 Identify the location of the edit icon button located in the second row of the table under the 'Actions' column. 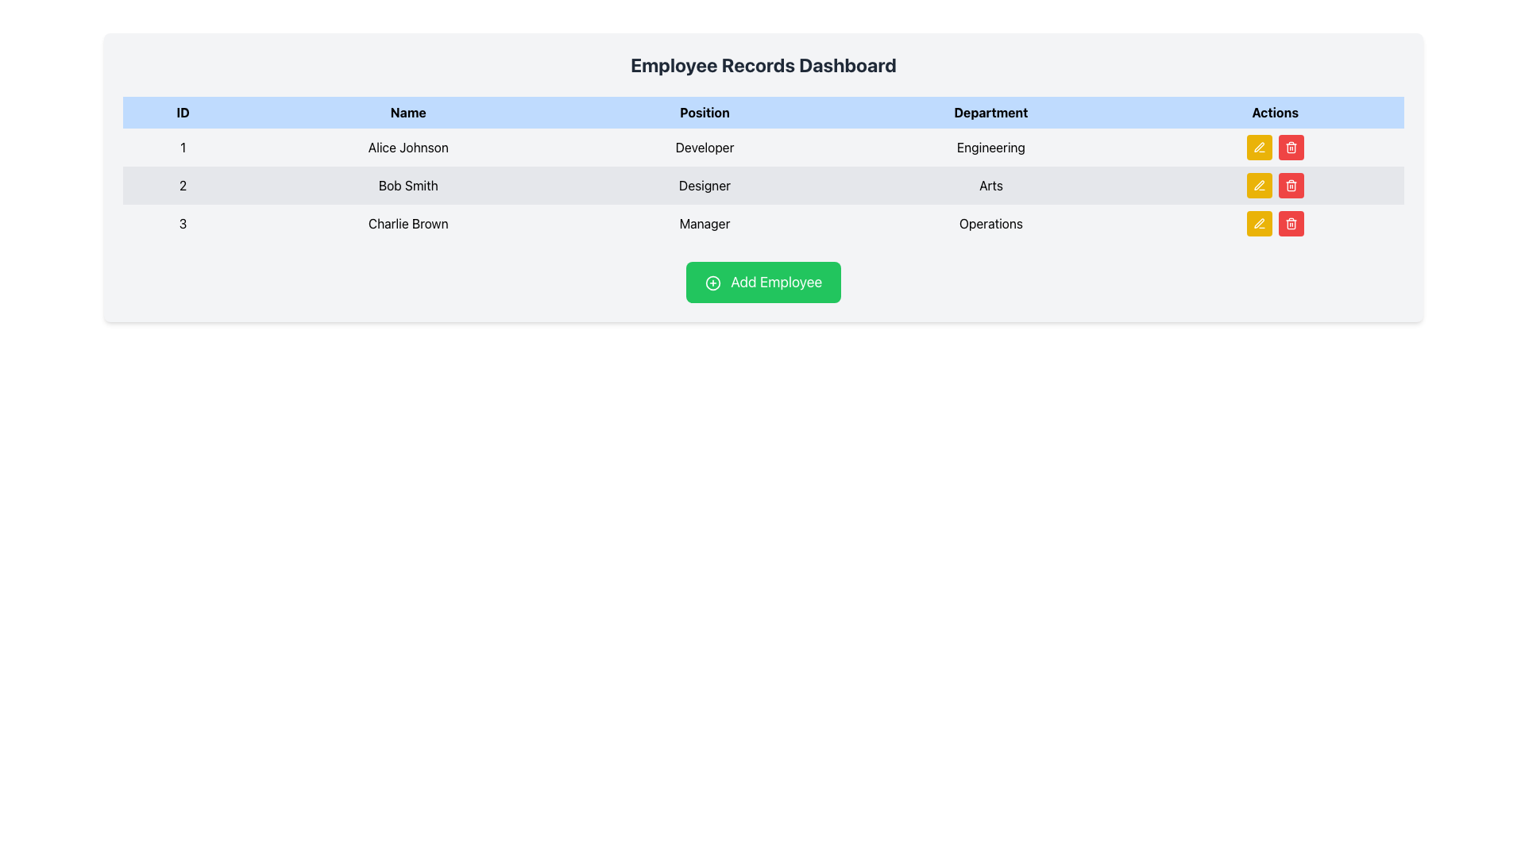
(1258, 147).